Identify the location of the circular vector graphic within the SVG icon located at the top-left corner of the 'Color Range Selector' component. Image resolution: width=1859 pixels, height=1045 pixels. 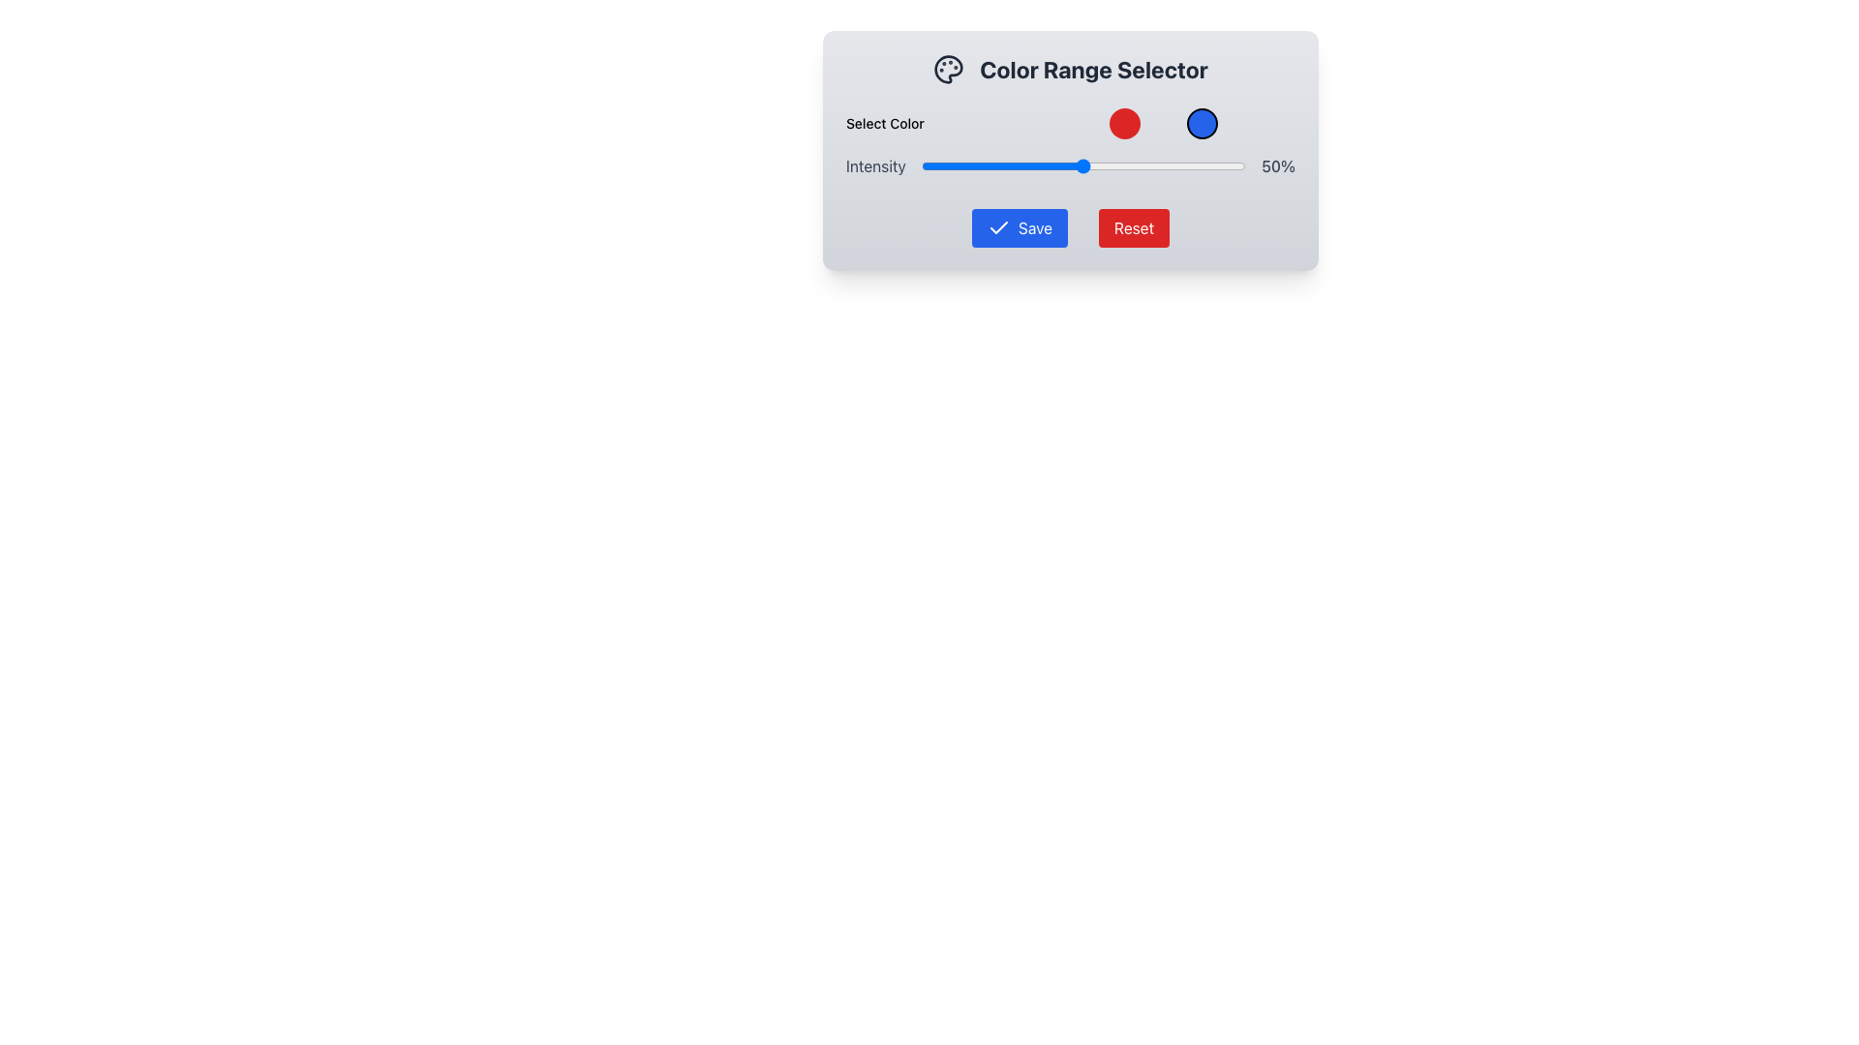
(949, 69).